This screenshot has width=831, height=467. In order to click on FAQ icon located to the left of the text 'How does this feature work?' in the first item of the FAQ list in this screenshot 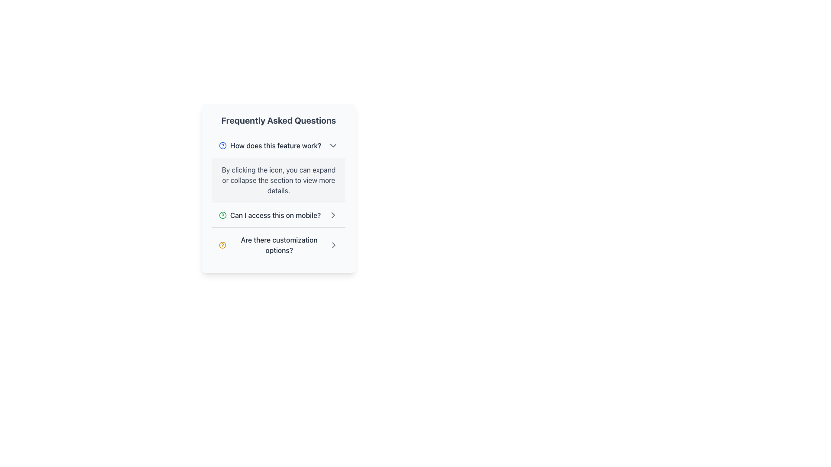, I will do `click(222, 145)`.